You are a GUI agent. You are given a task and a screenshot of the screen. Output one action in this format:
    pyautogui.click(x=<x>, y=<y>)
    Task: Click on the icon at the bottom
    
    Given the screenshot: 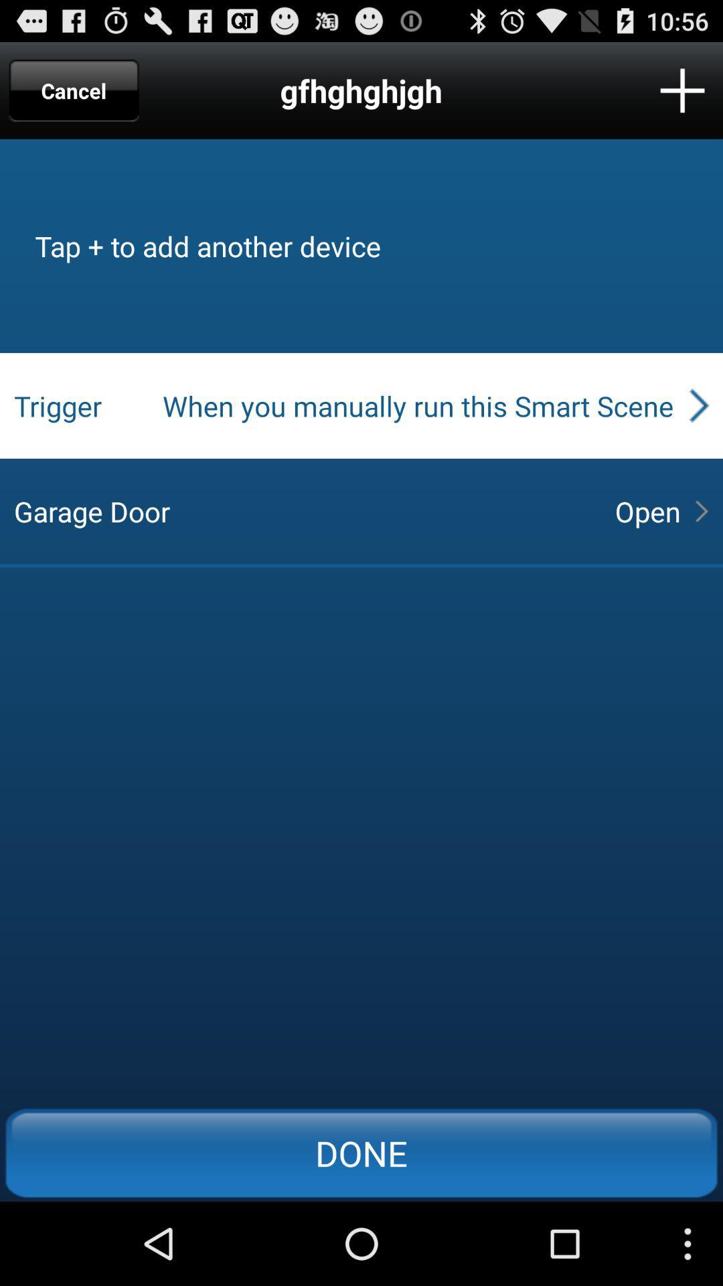 What is the action you would take?
    pyautogui.click(x=361, y=1152)
    